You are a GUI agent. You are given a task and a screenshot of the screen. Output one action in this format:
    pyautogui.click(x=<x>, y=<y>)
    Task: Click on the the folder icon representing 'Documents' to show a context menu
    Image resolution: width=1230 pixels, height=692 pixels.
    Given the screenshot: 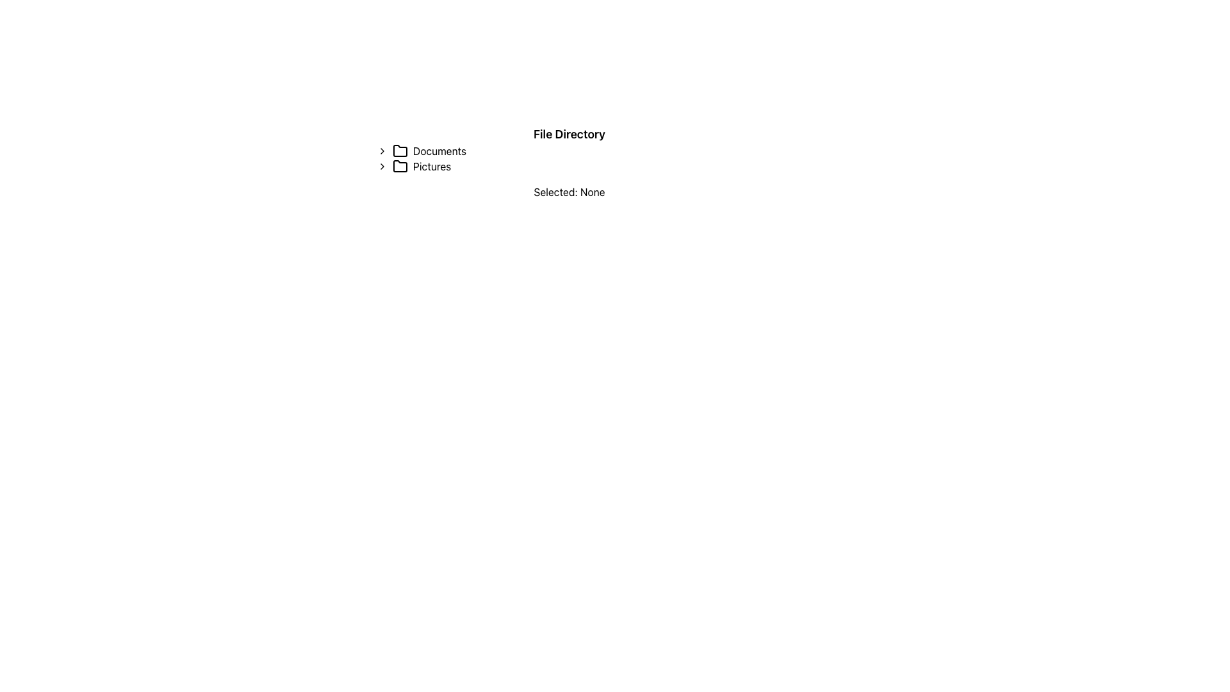 What is the action you would take?
    pyautogui.click(x=399, y=150)
    